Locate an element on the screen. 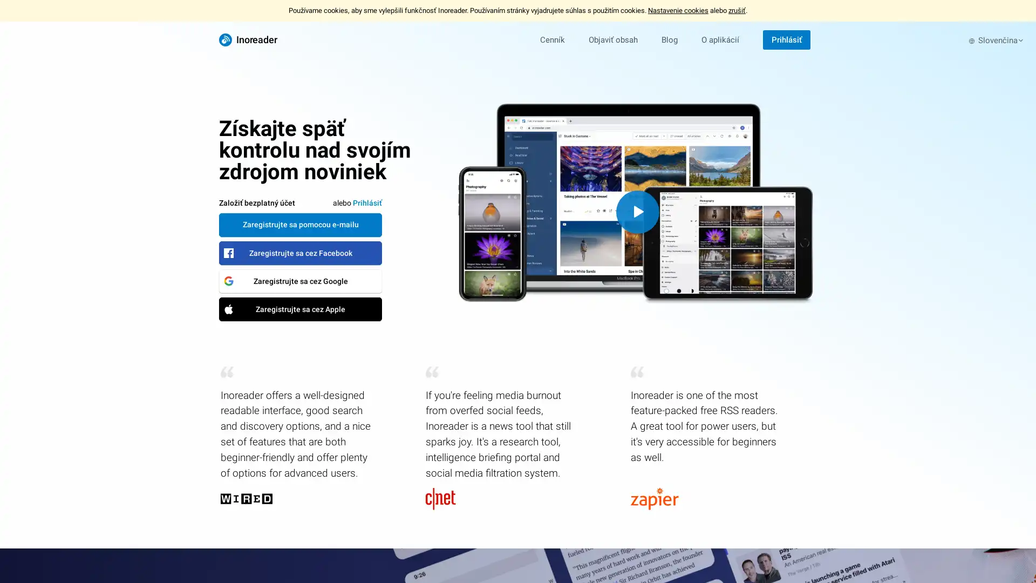 The image size is (1036, 583). Zaregistrujte sa pomocou e-mailu is located at coordinates (300, 224).